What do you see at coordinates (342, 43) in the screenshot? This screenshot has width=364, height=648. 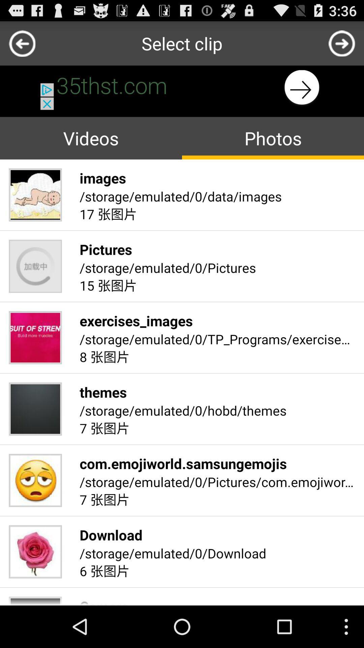 I see `click next button` at bounding box center [342, 43].